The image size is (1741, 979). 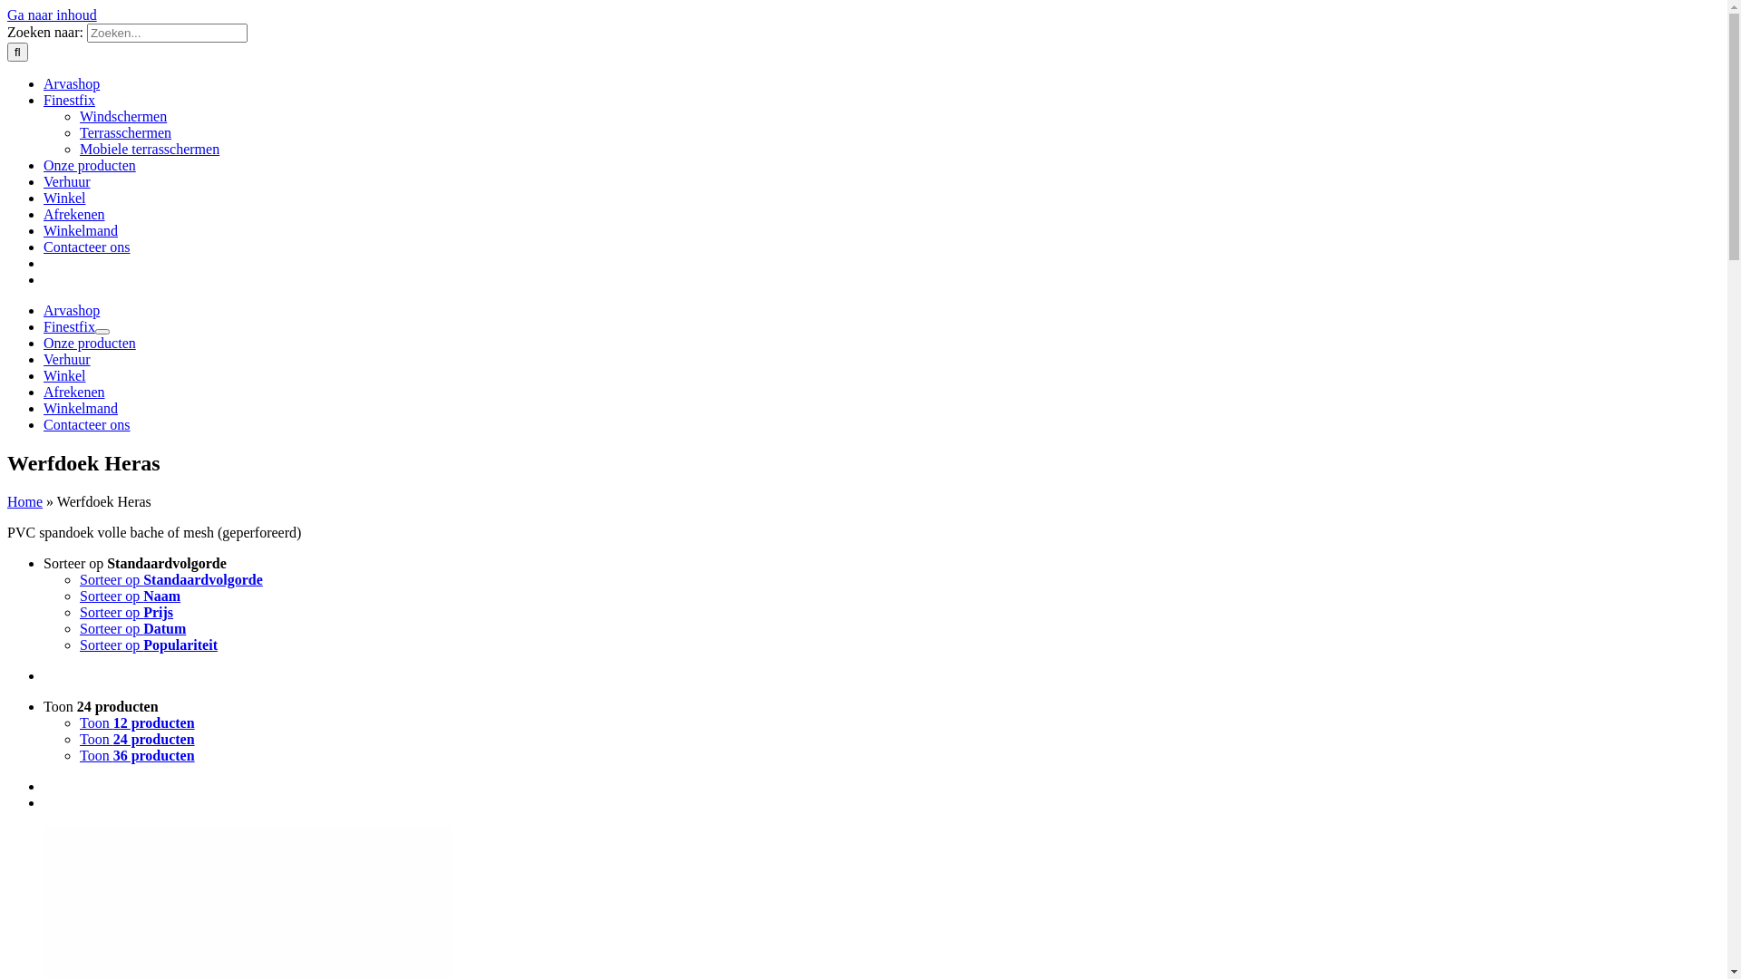 What do you see at coordinates (86, 247) in the screenshot?
I see `'Contacteer ons'` at bounding box center [86, 247].